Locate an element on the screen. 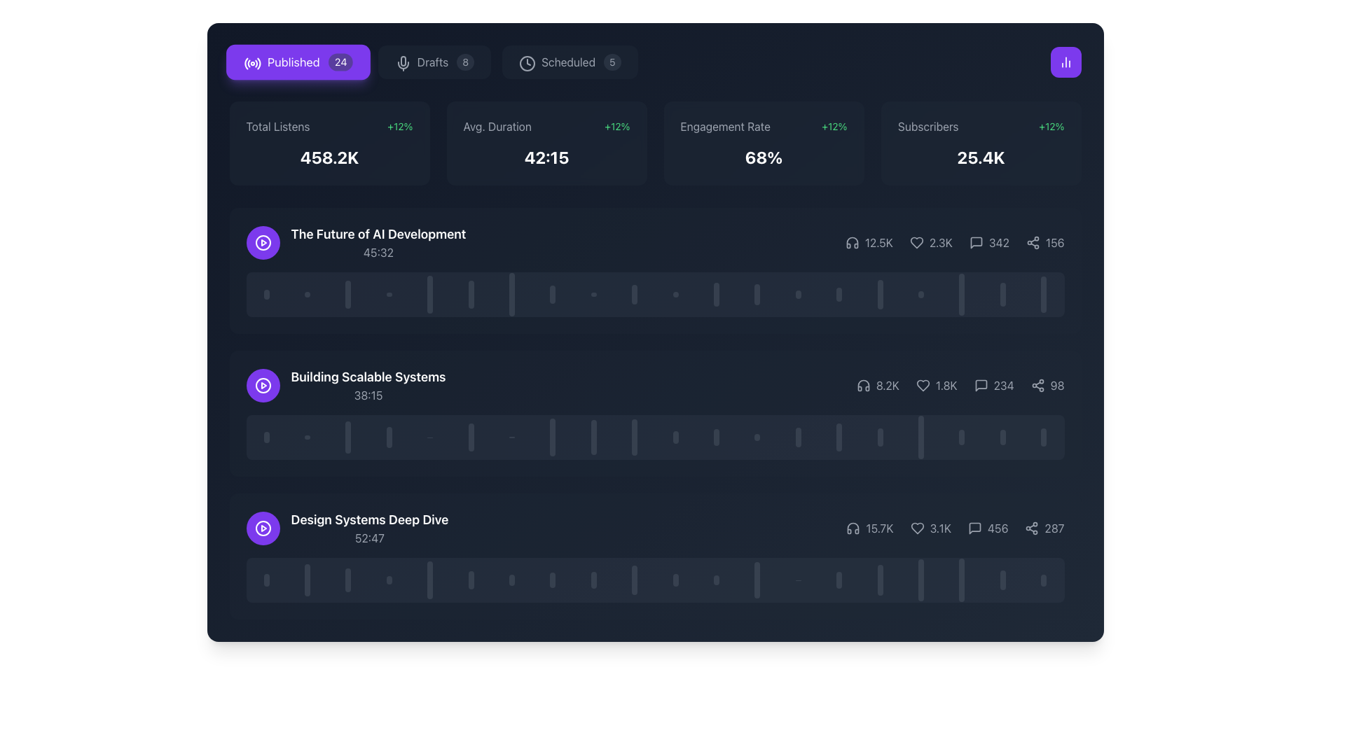  the Text cluster displaying 'Design Systems Deep Dive' and '52:47', which is the third entry in a vertical list of items is located at coordinates (370, 528).